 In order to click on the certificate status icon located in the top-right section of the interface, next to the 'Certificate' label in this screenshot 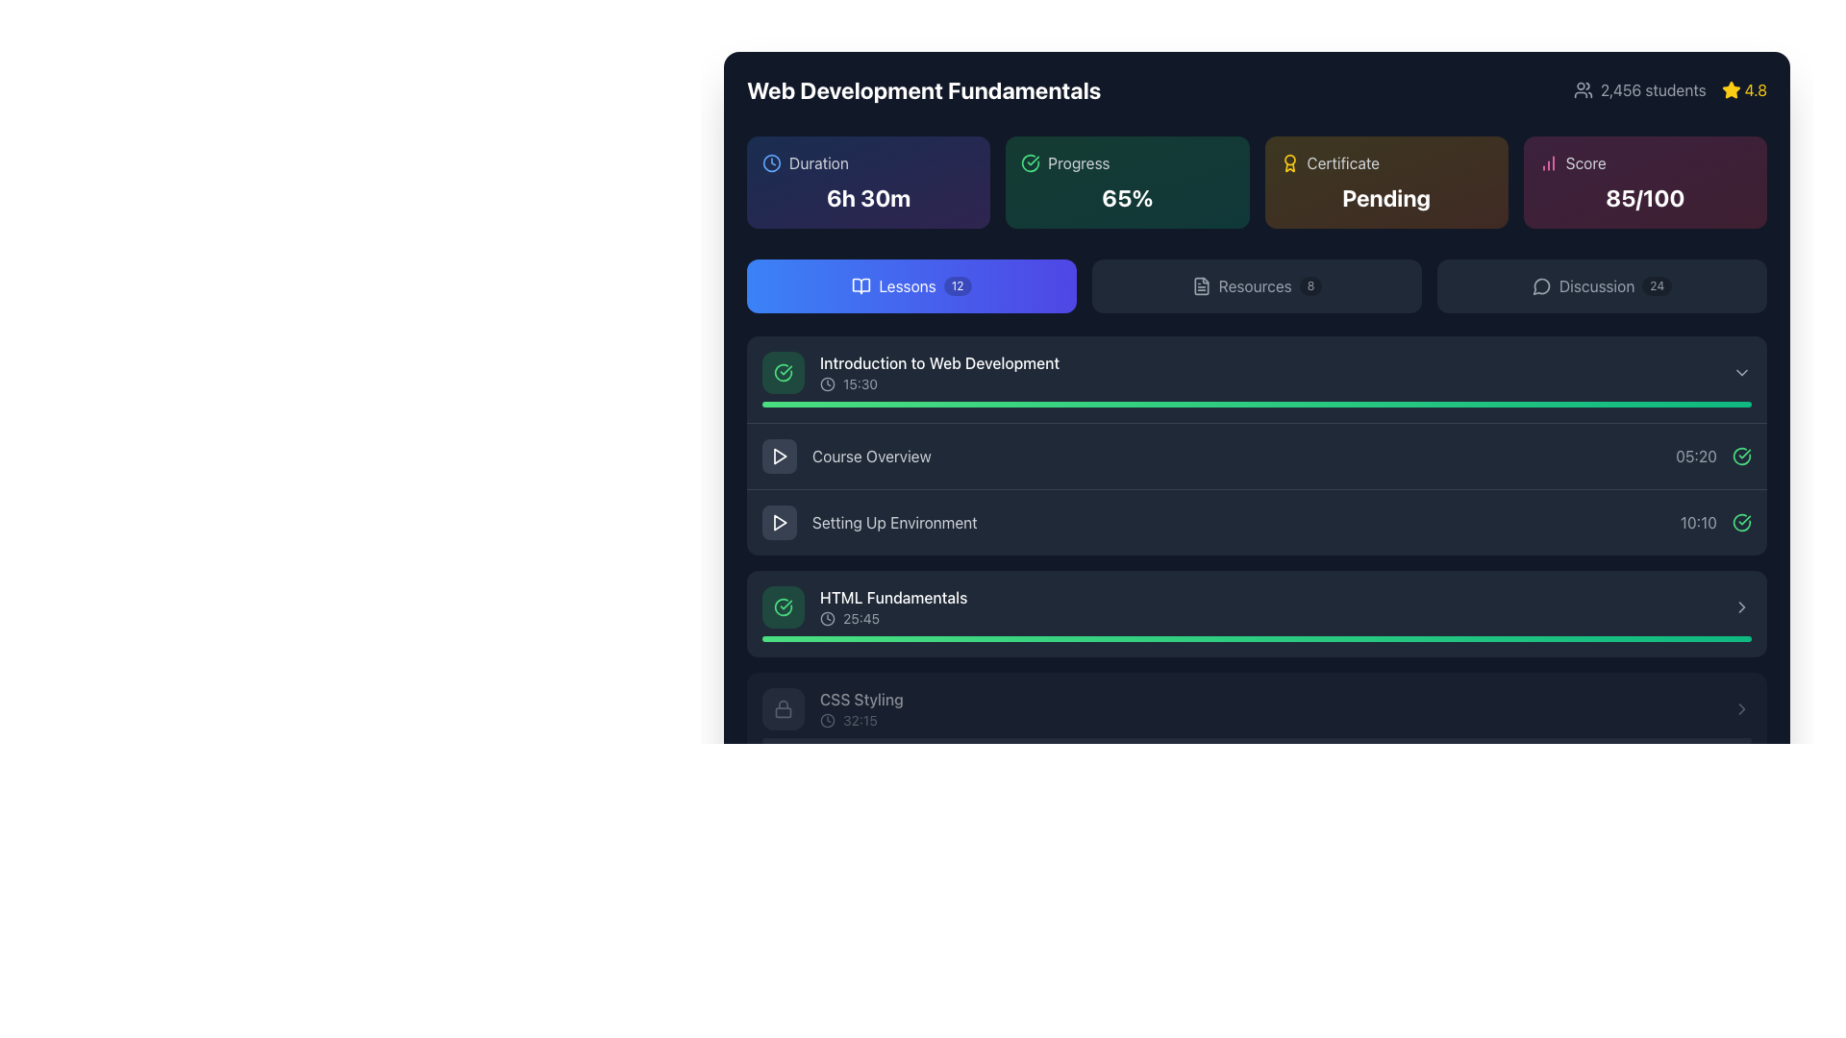, I will do `click(1289, 161)`.